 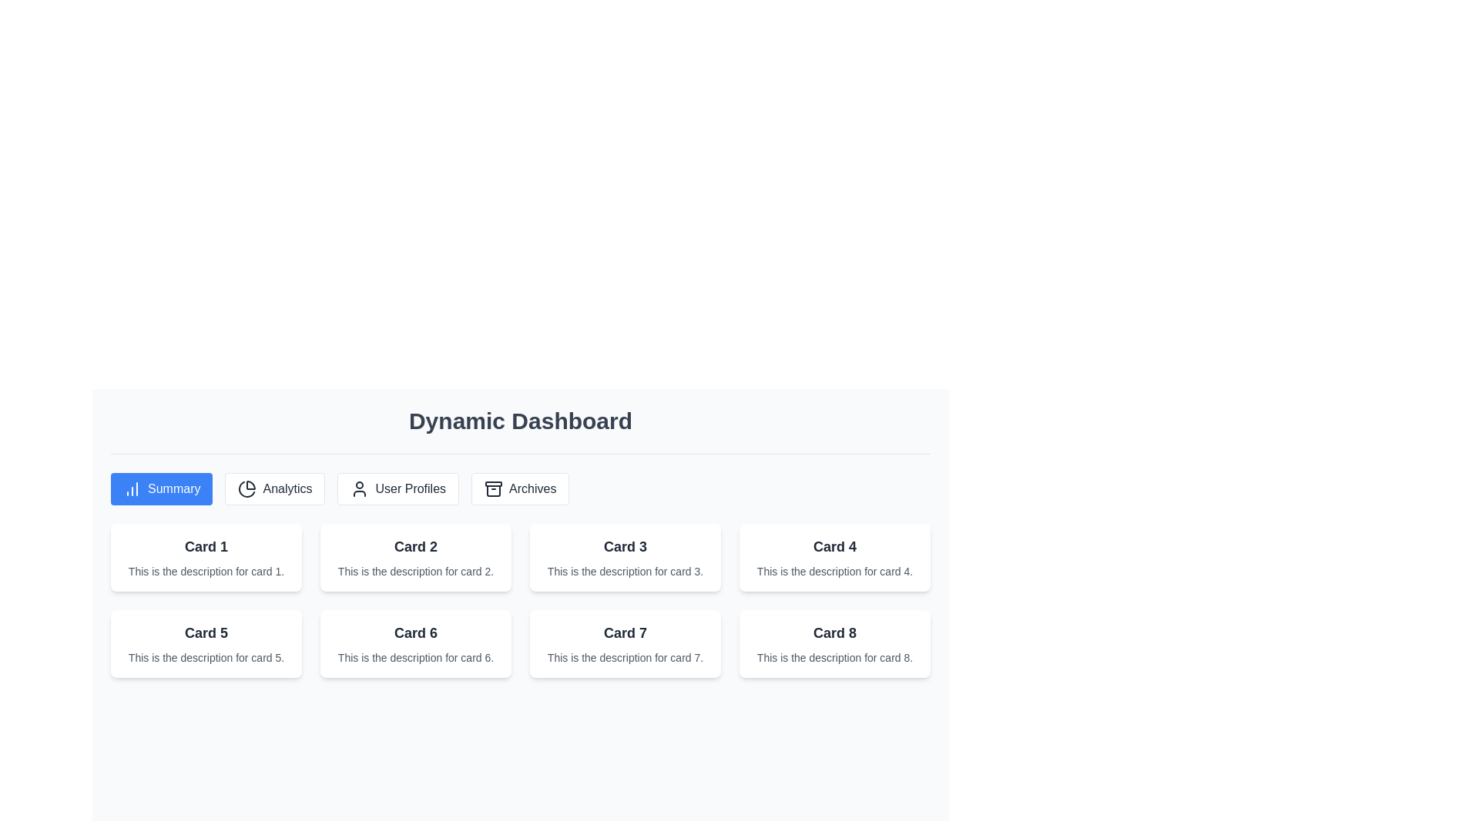 What do you see at coordinates (834, 571) in the screenshot?
I see `the text element that reads 'This is the description for card 4.' located beneath the title 'Card 4' in the fourth card of the grid layout` at bounding box center [834, 571].